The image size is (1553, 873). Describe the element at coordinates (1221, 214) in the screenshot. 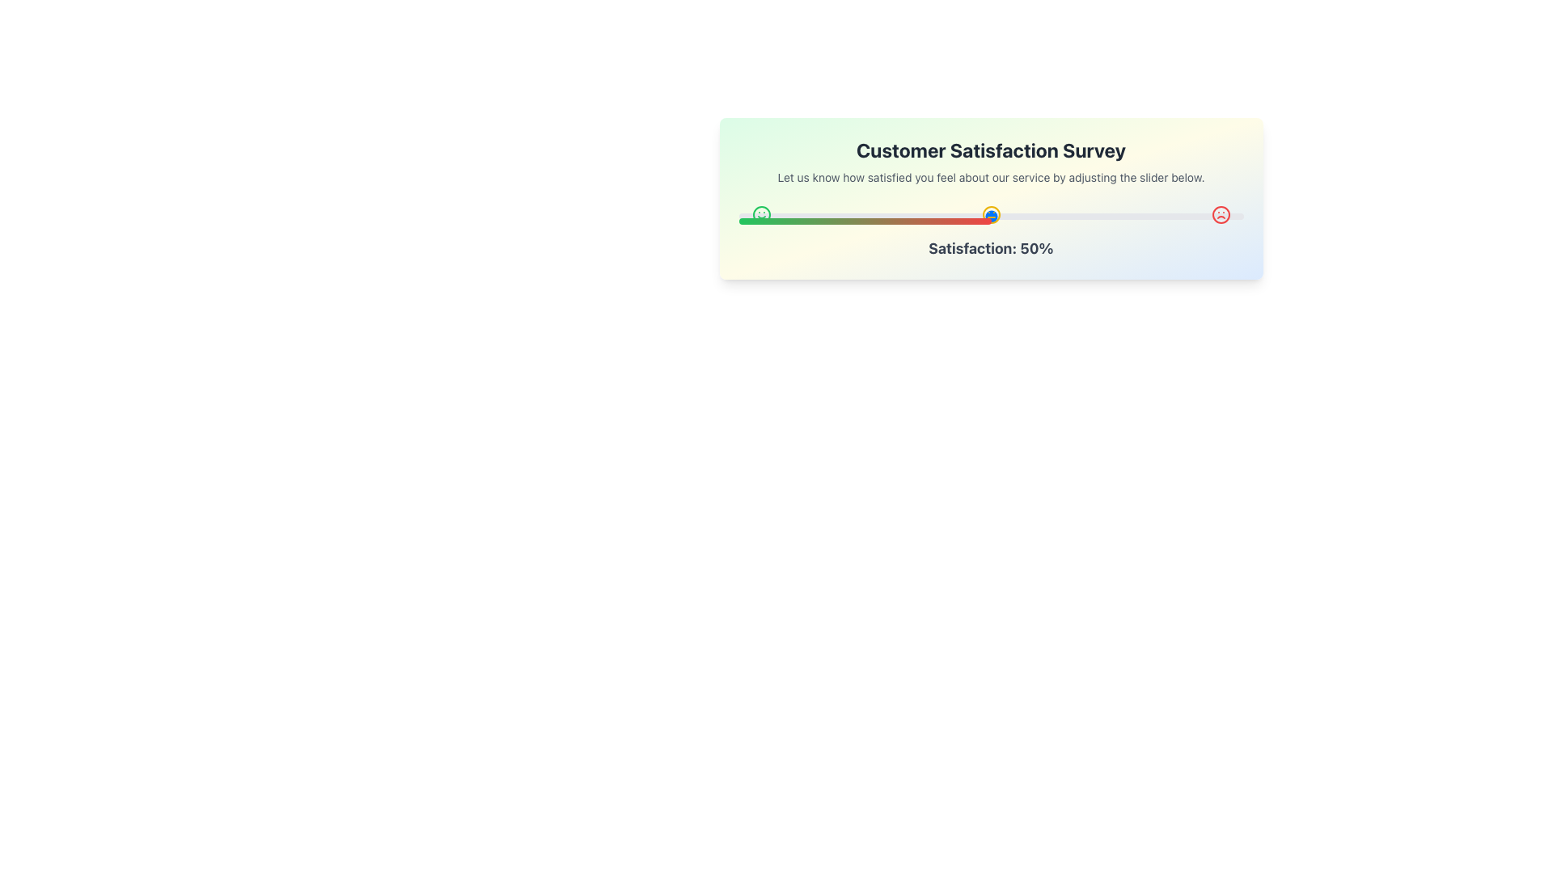

I see `red frowning face icon located at the far right end of a row of three icons, which indicates negative feedback or dissatisfaction` at that location.